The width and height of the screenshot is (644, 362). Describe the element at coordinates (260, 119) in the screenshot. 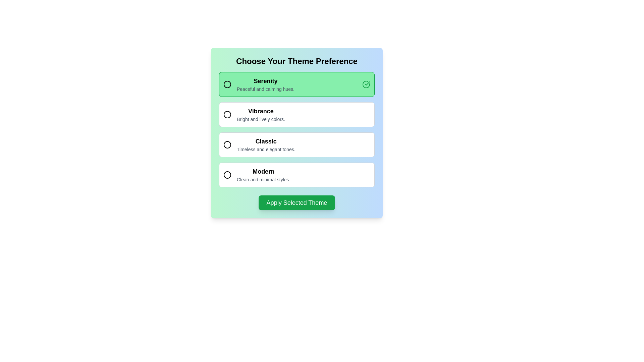

I see `the text label displaying 'Bright and lively colors.' which is styled as a description under the 'Vibrance' header` at that location.